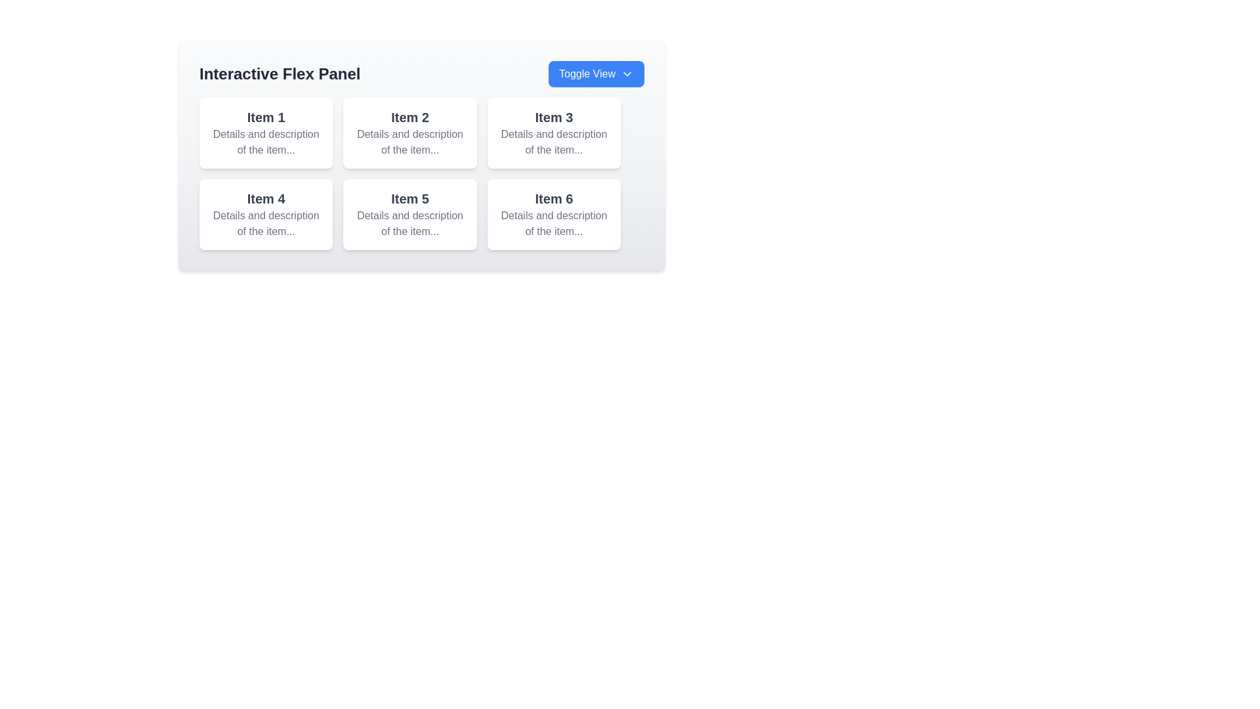 This screenshot has width=1260, height=709. Describe the element at coordinates (626, 74) in the screenshot. I see `the downwards-pointing chevron icon within the 'Toggle View' button` at that location.